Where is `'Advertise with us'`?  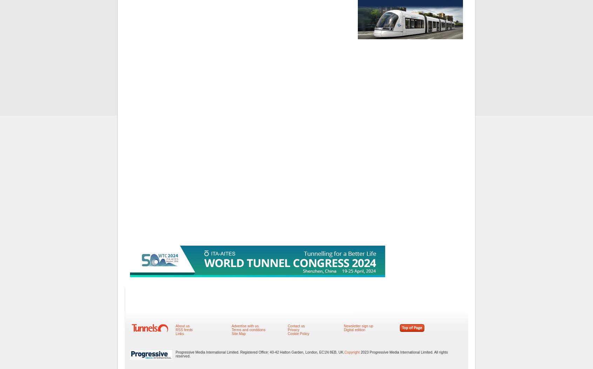 'Advertise with us' is located at coordinates (245, 326).